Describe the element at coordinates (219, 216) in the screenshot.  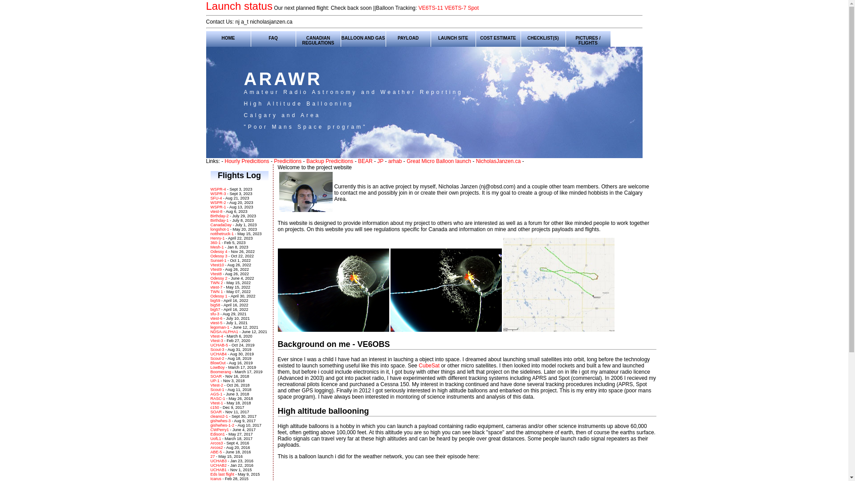
I see `'Birthday-2'` at that location.